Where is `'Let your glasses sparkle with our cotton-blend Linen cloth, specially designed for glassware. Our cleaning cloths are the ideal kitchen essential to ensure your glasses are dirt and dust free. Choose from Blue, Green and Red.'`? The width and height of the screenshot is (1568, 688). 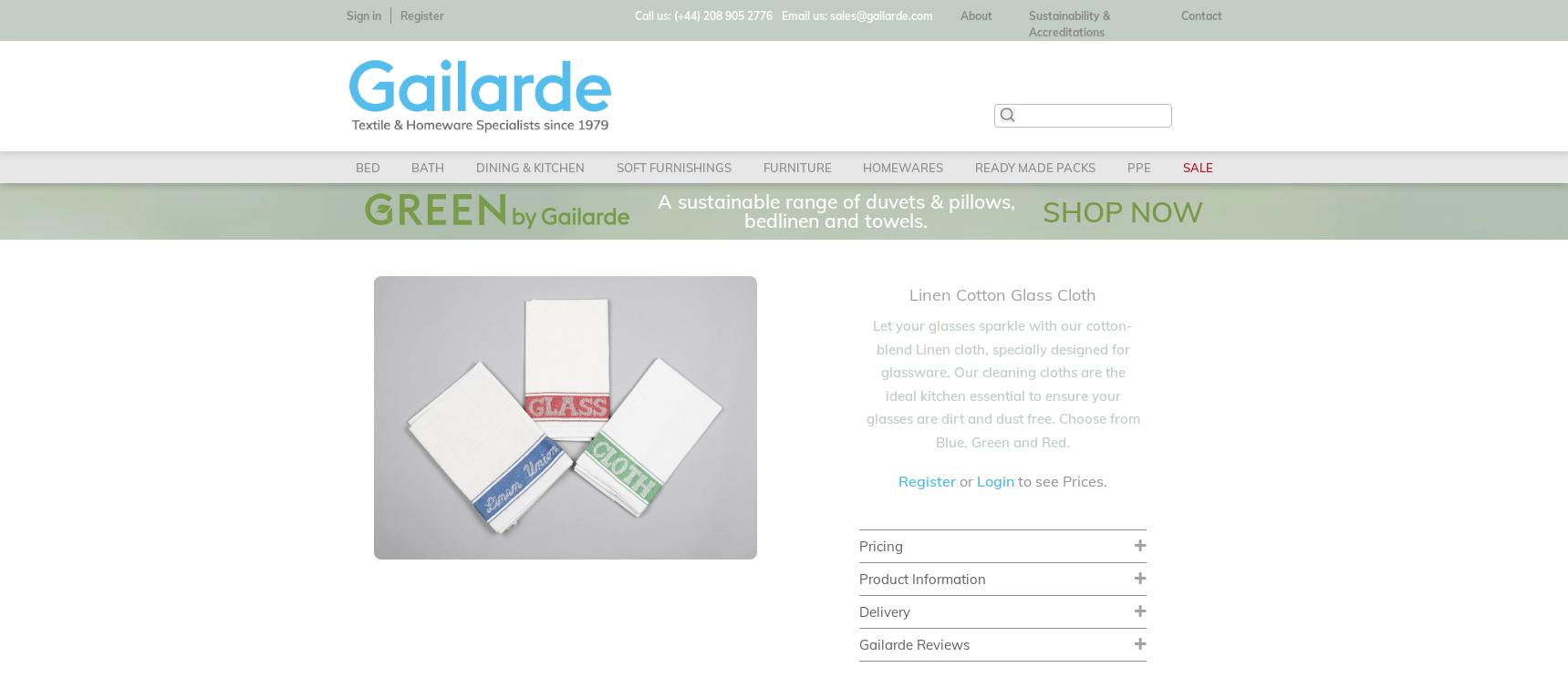
'Let your glasses sparkle with our cotton-blend Linen cloth, specially designed for glassware. Our cleaning cloths are the ideal kitchen essential to ensure your glasses are dirt and dust free. Choose from Blue, Green and Red.' is located at coordinates (865, 382).